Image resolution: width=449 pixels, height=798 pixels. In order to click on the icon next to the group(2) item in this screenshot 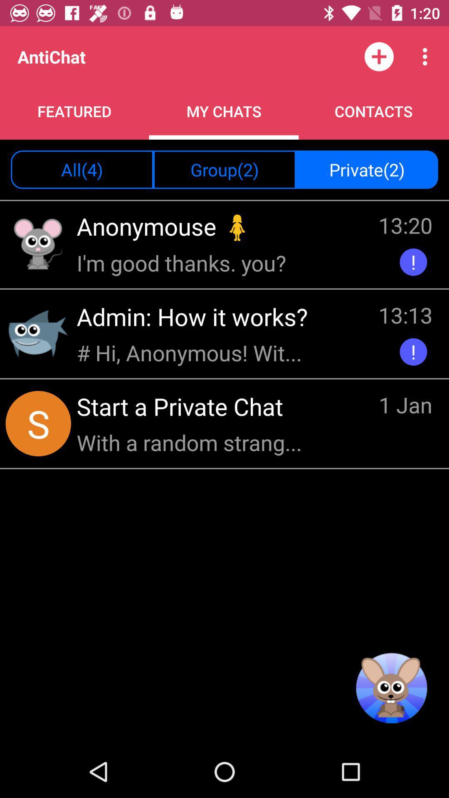, I will do `click(82, 169)`.